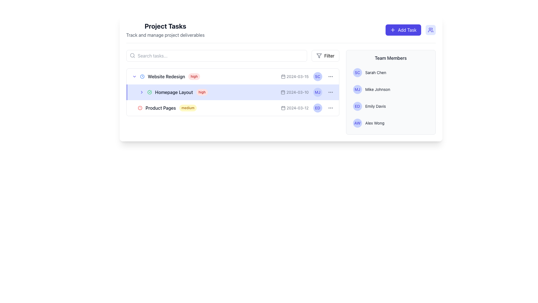 Image resolution: width=538 pixels, height=303 pixels. Describe the element at coordinates (233, 108) in the screenshot. I see `the third task entry row under the 'Project Tasks' heading, which contains the text 'Product Pages', a yellow label marked 'medium', and a vertical ellipsis icon at the far right` at that location.